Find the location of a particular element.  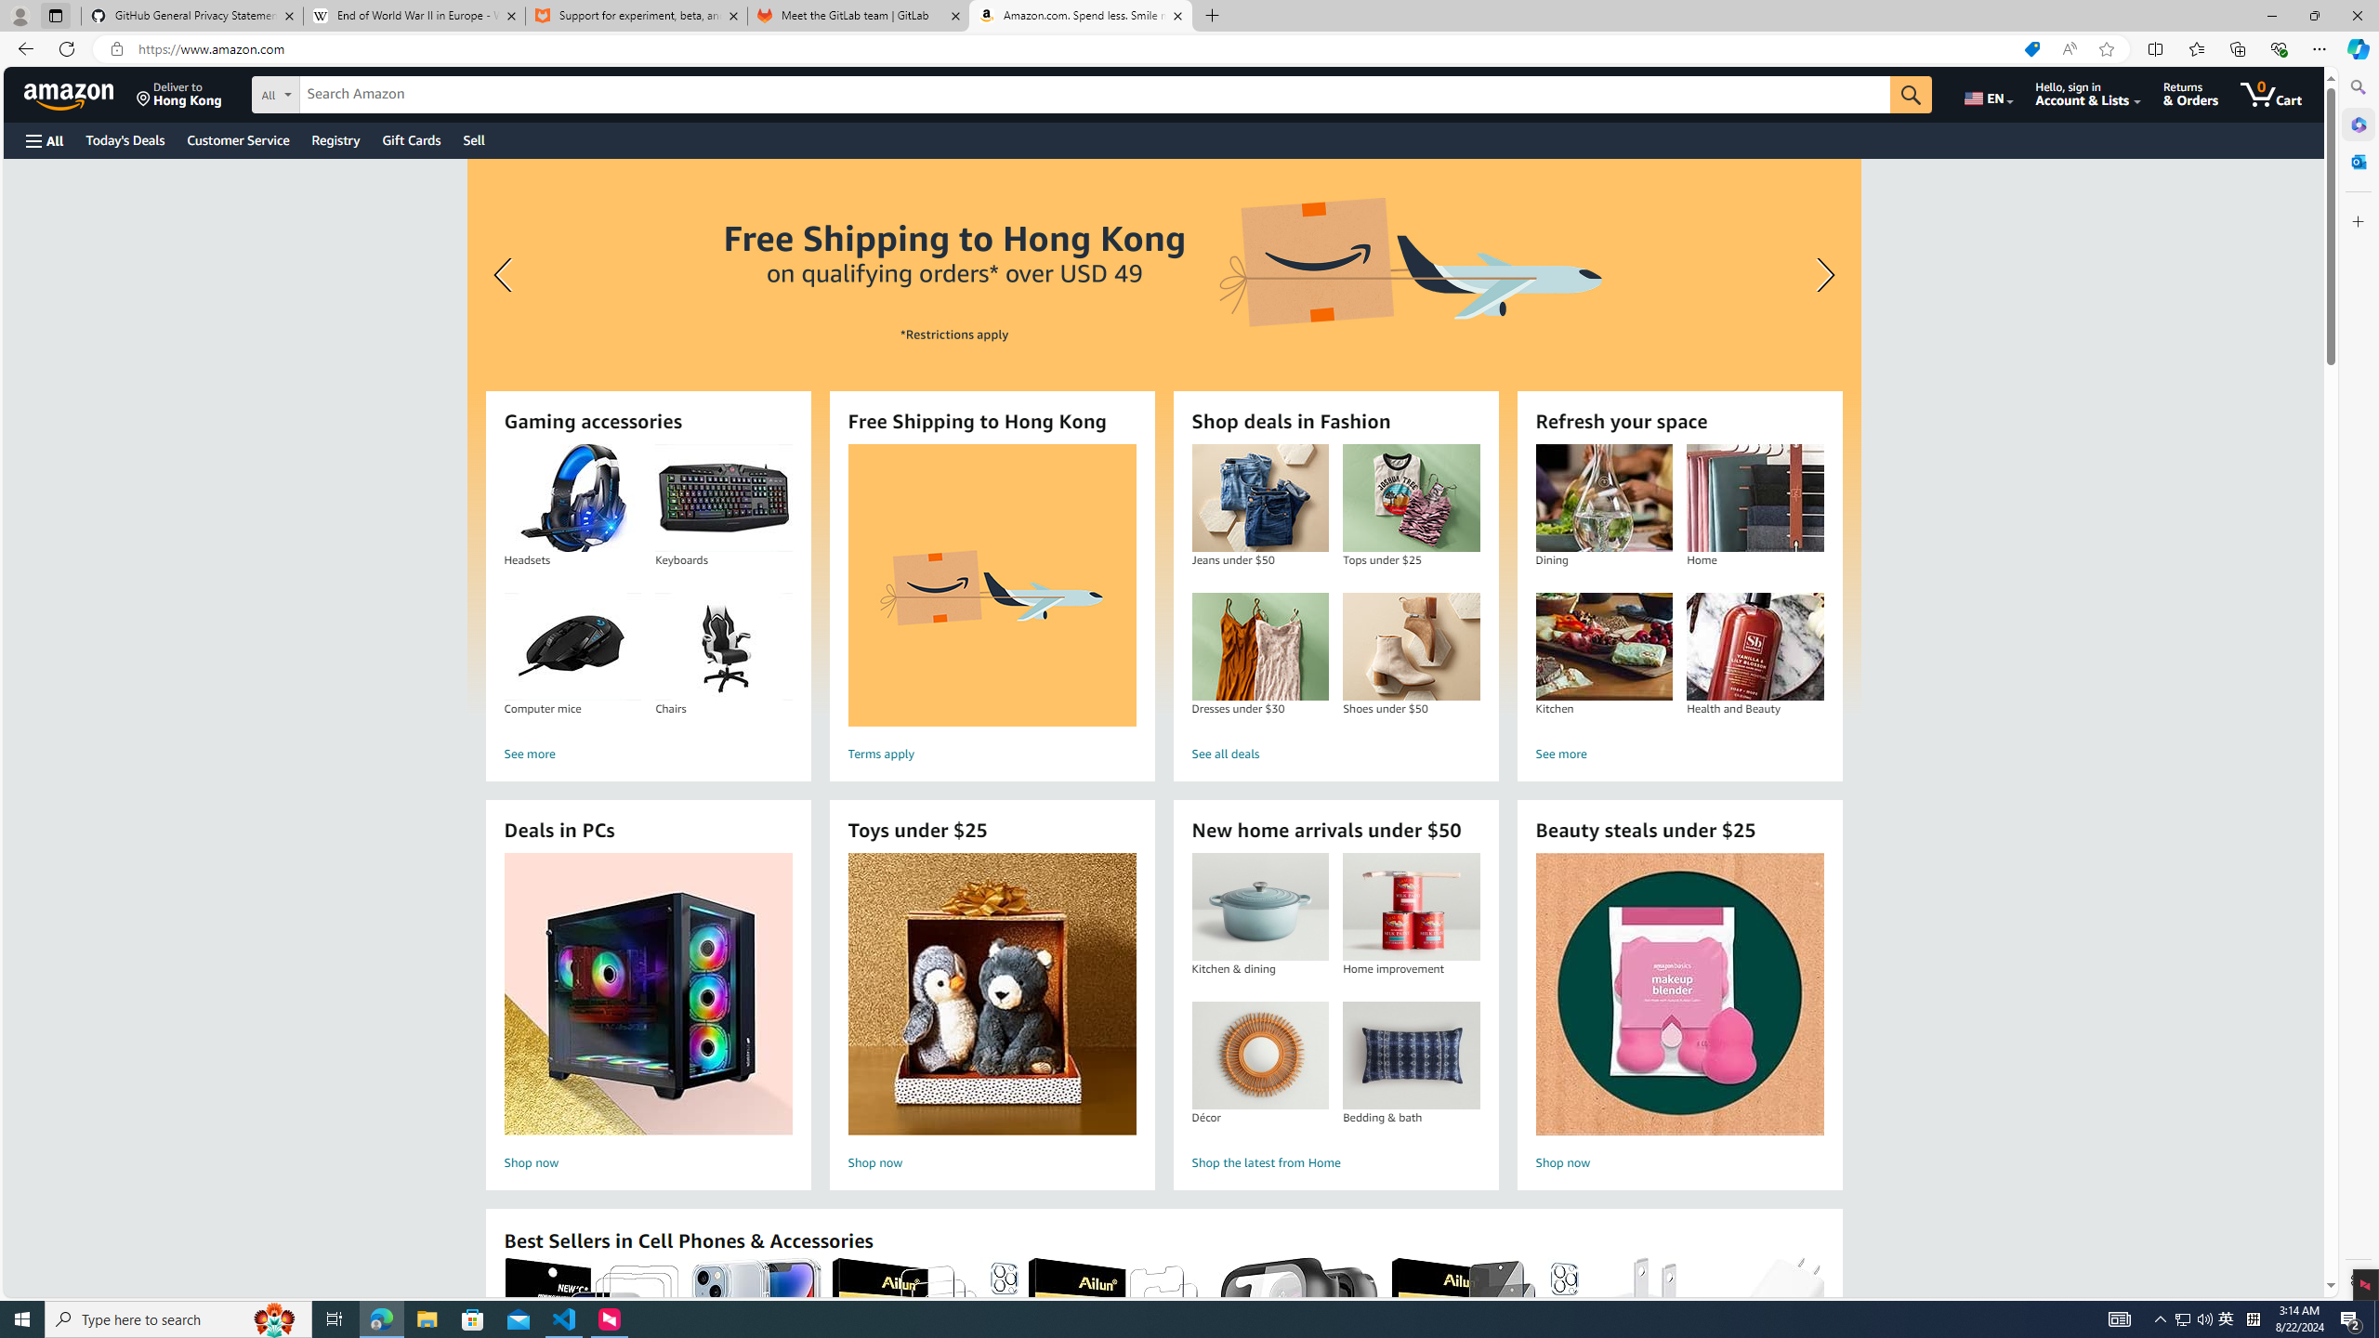

'Computer mice' is located at coordinates (572, 647).